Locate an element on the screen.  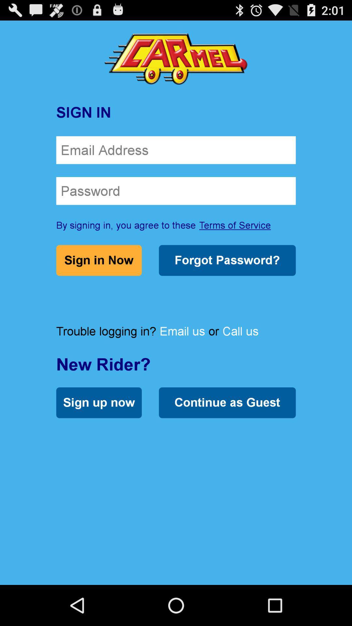
icon below forgot password? is located at coordinates (240, 331).